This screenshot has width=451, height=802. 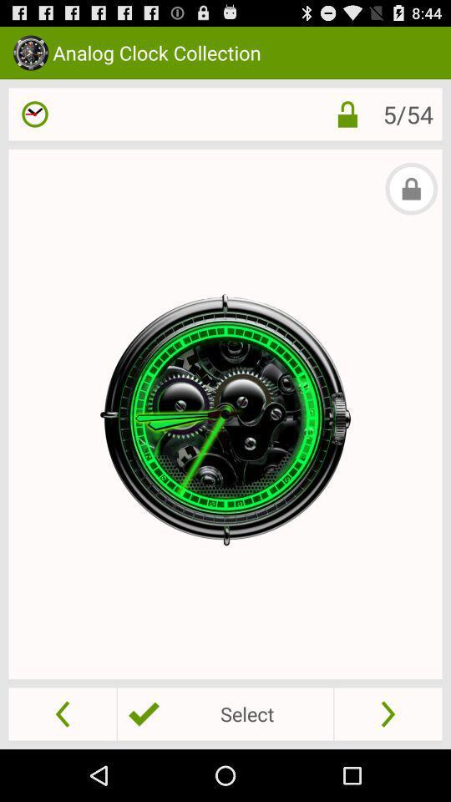 What do you see at coordinates (62, 713) in the screenshot?
I see `previous` at bounding box center [62, 713].